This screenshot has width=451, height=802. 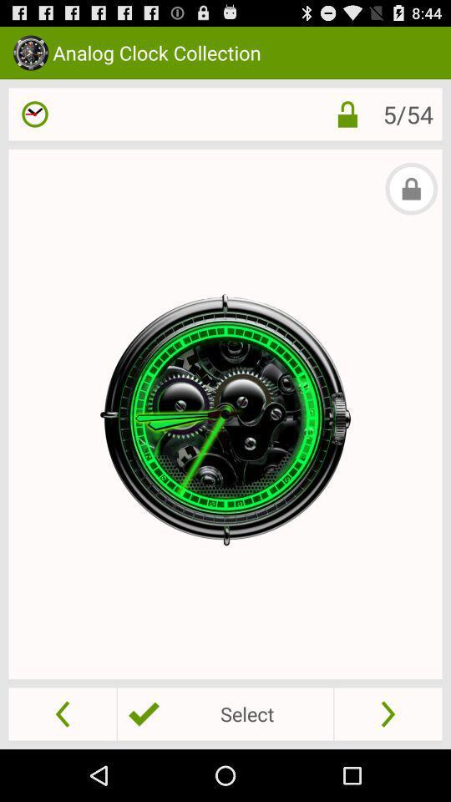 What do you see at coordinates (62, 713) in the screenshot?
I see `previous` at bounding box center [62, 713].